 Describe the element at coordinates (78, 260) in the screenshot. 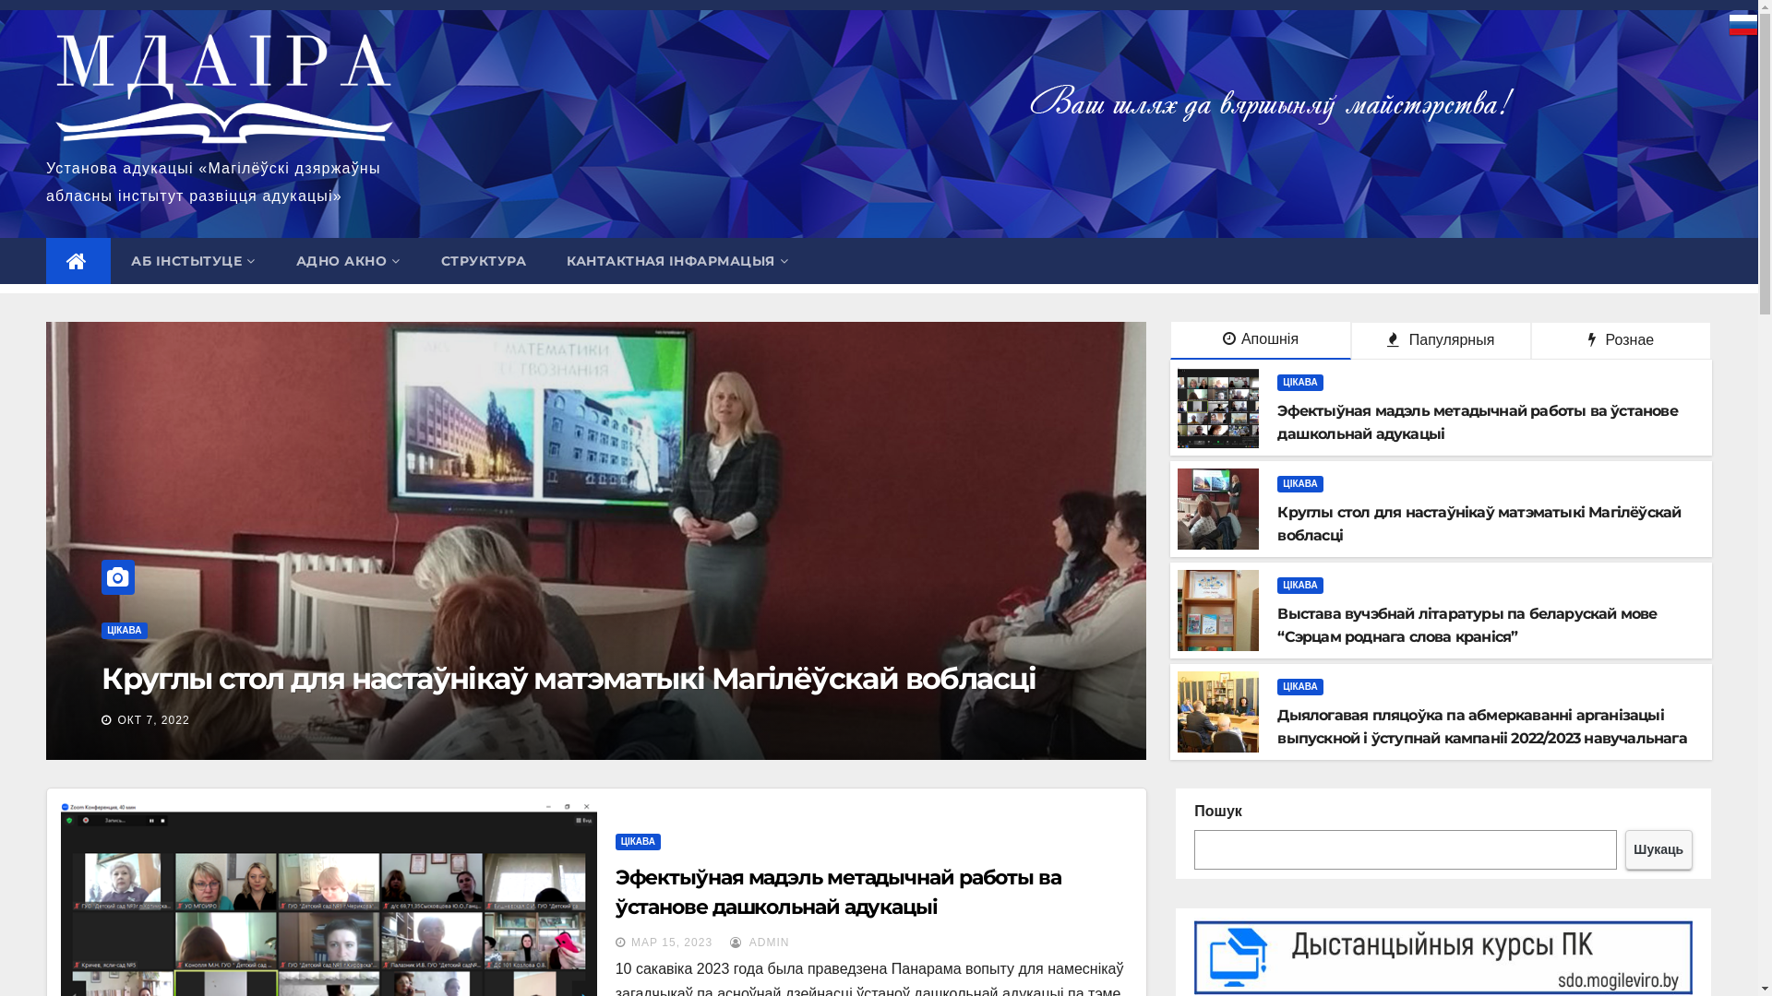

I see `'Home'` at that location.